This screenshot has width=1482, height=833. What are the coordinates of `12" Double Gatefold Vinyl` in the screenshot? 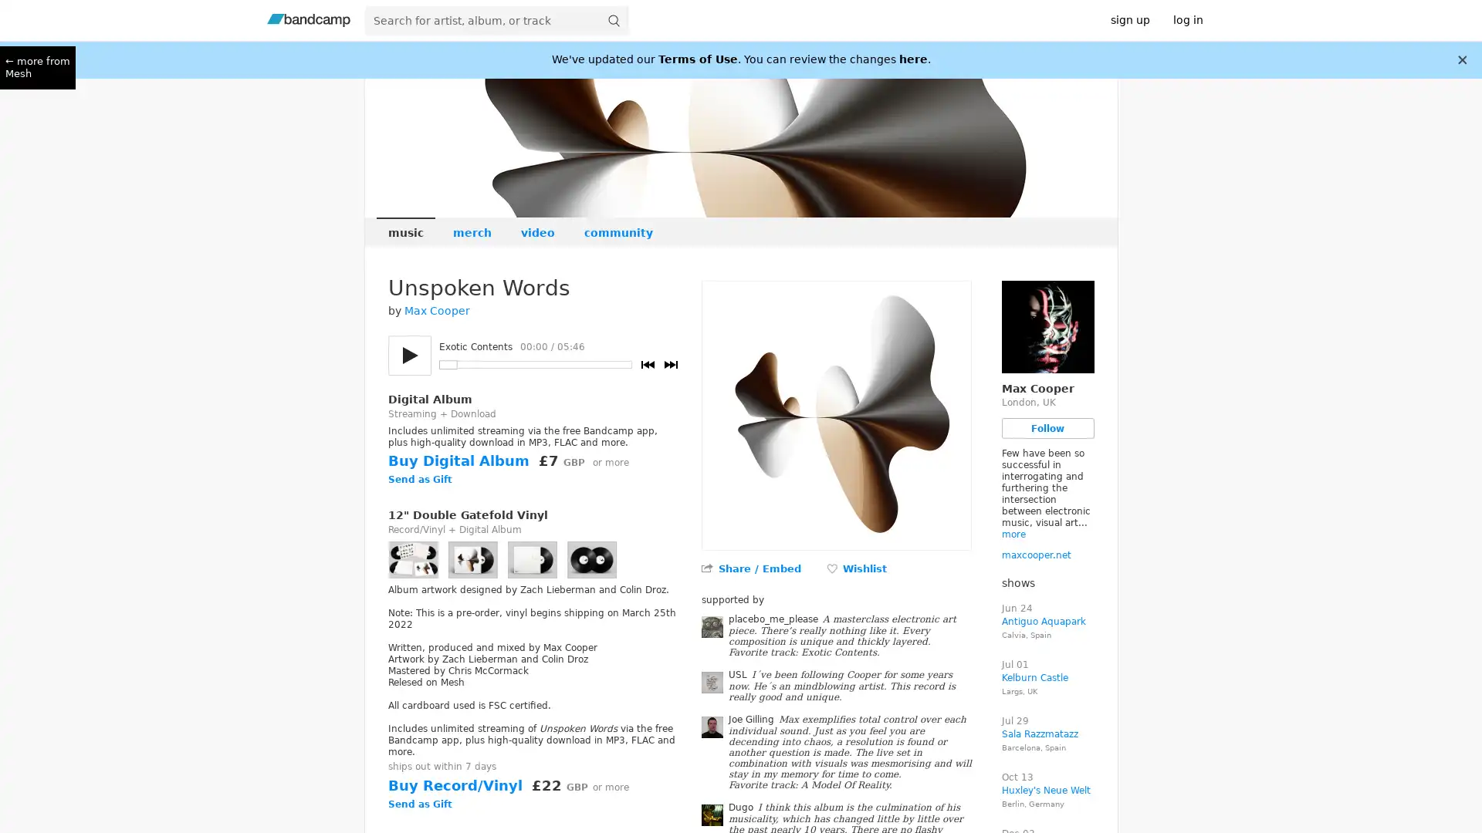 It's located at (466, 514).